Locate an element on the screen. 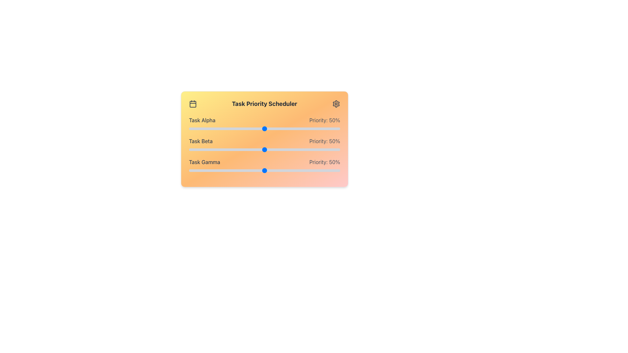 This screenshot has height=353, width=628. the "Task Beta" priority is located at coordinates (337, 150).